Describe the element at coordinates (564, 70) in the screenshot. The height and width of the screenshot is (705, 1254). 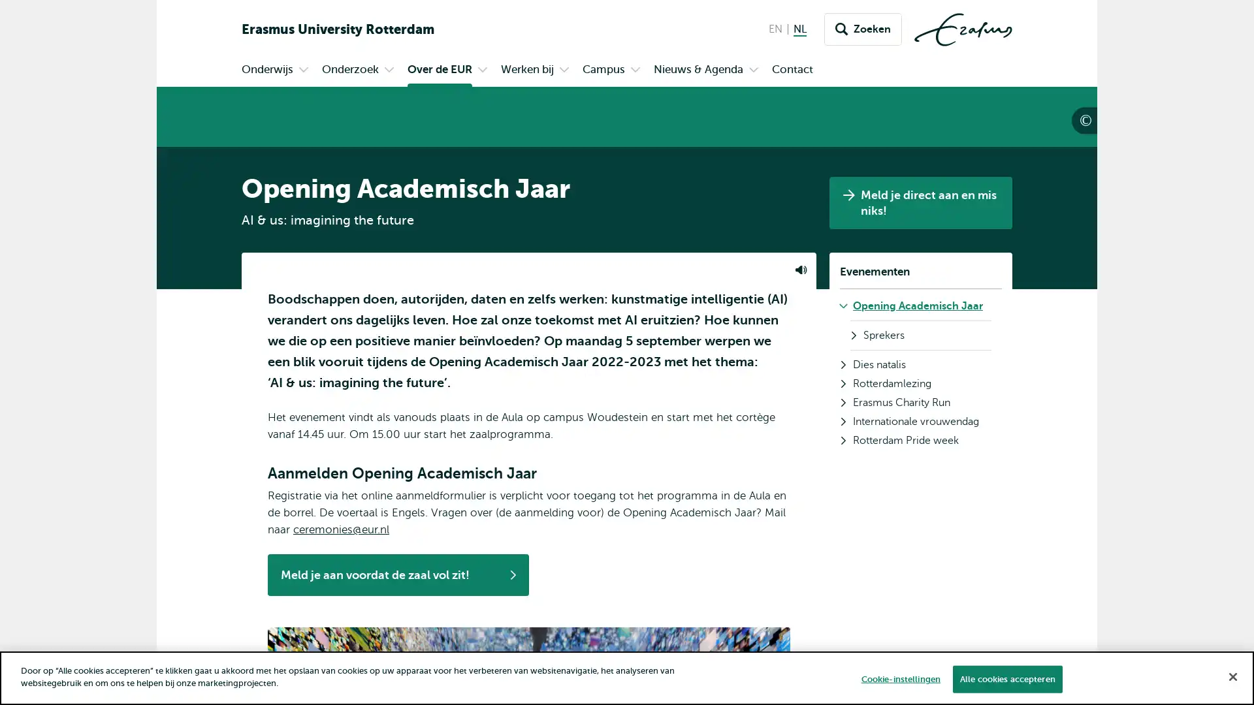
I see `Open submenu` at that location.